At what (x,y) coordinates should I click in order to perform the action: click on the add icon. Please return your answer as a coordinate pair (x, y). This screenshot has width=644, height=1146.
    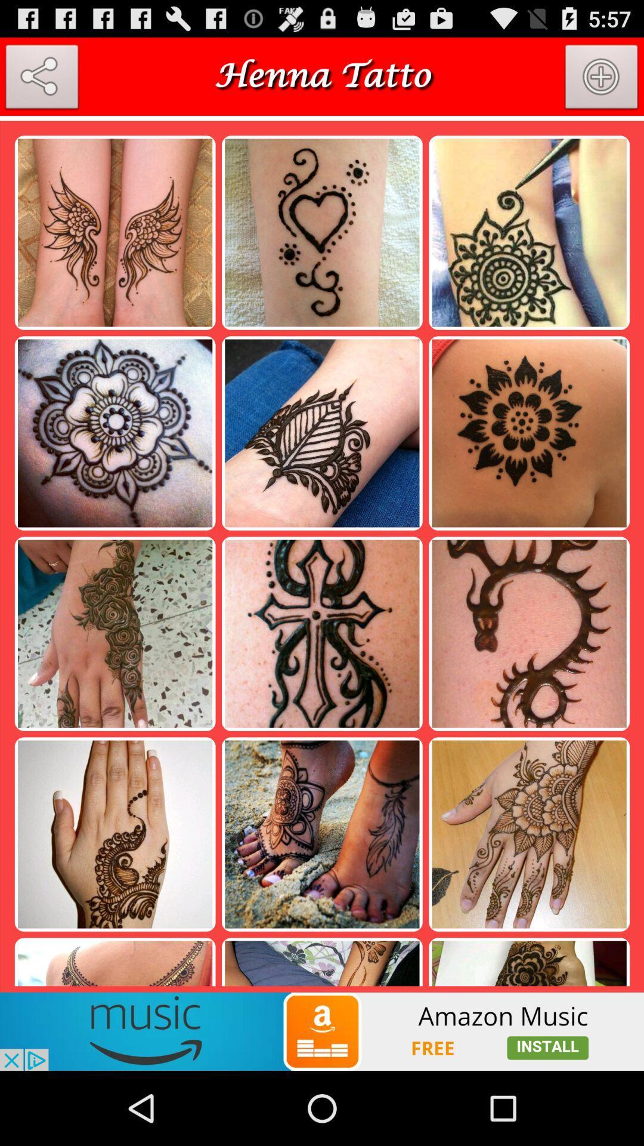
    Looking at the image, I should click on (602, 84).